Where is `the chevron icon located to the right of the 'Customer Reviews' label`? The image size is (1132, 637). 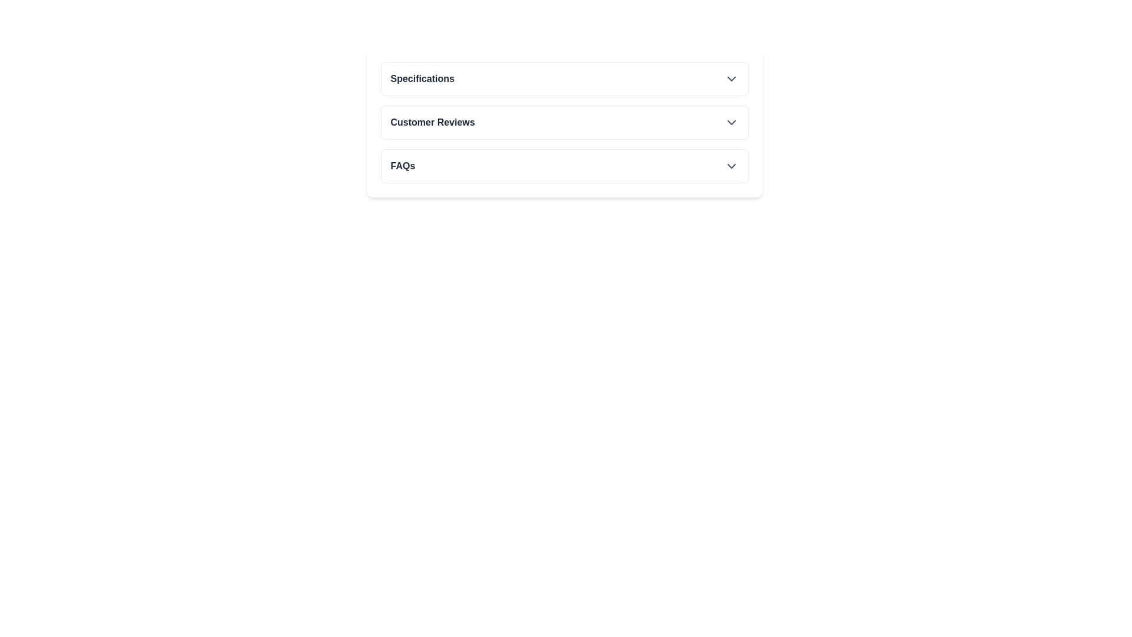
the chevron icon located to the right of the 'Customer Reviews' label is located at coordinates (730, 123).